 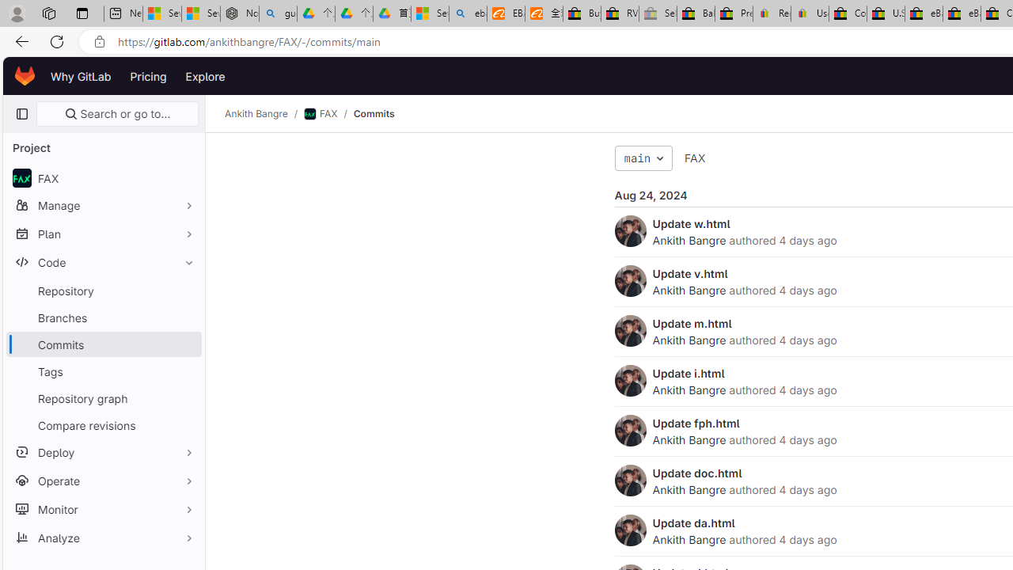 What do you see at coordinates (103, 424) in the screenshot?
I see `'Compare revisions'` at bounding box center [103, 424].